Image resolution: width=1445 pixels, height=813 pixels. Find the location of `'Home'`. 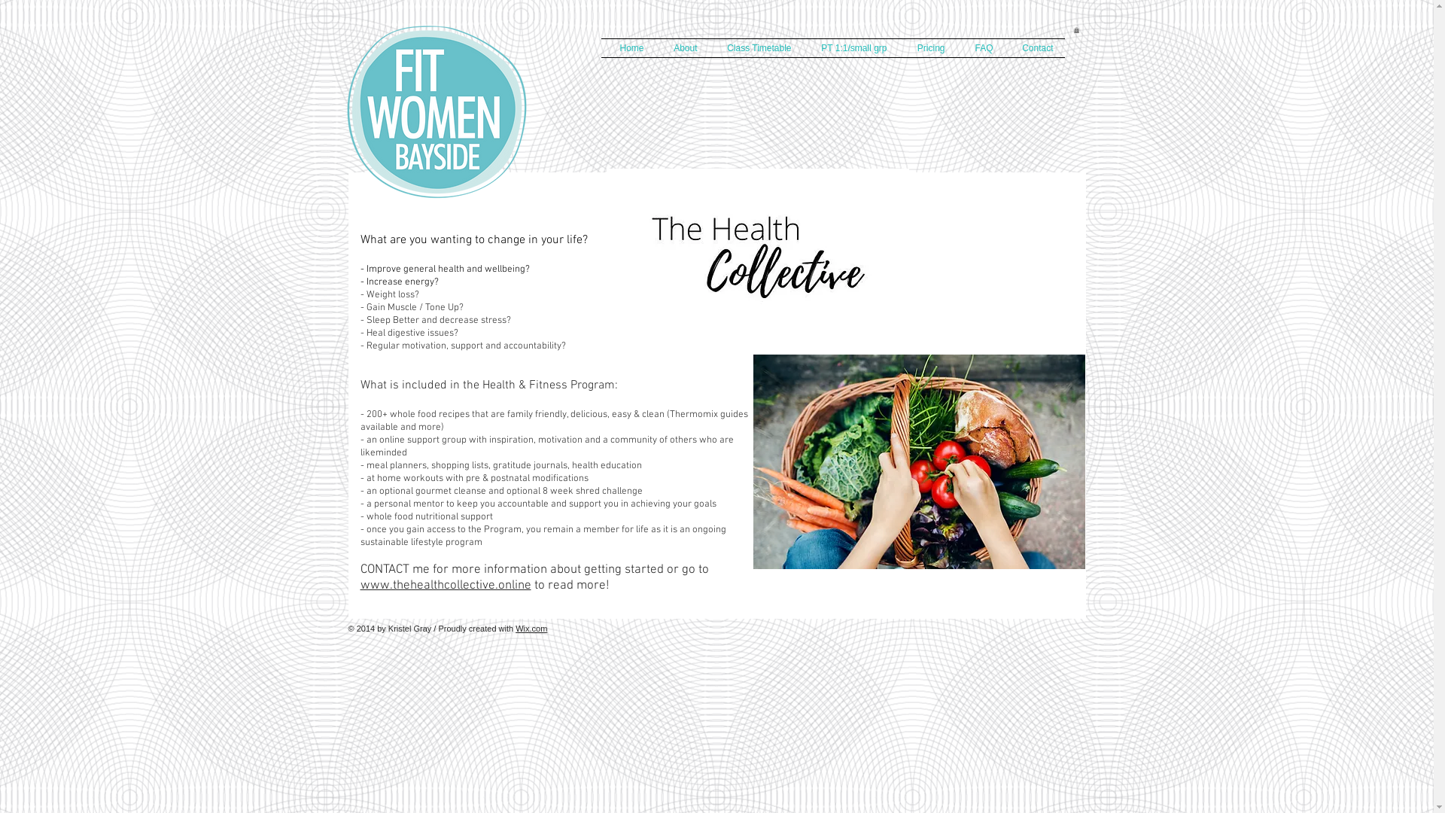

'Home' is located at coordinates (628, 47).